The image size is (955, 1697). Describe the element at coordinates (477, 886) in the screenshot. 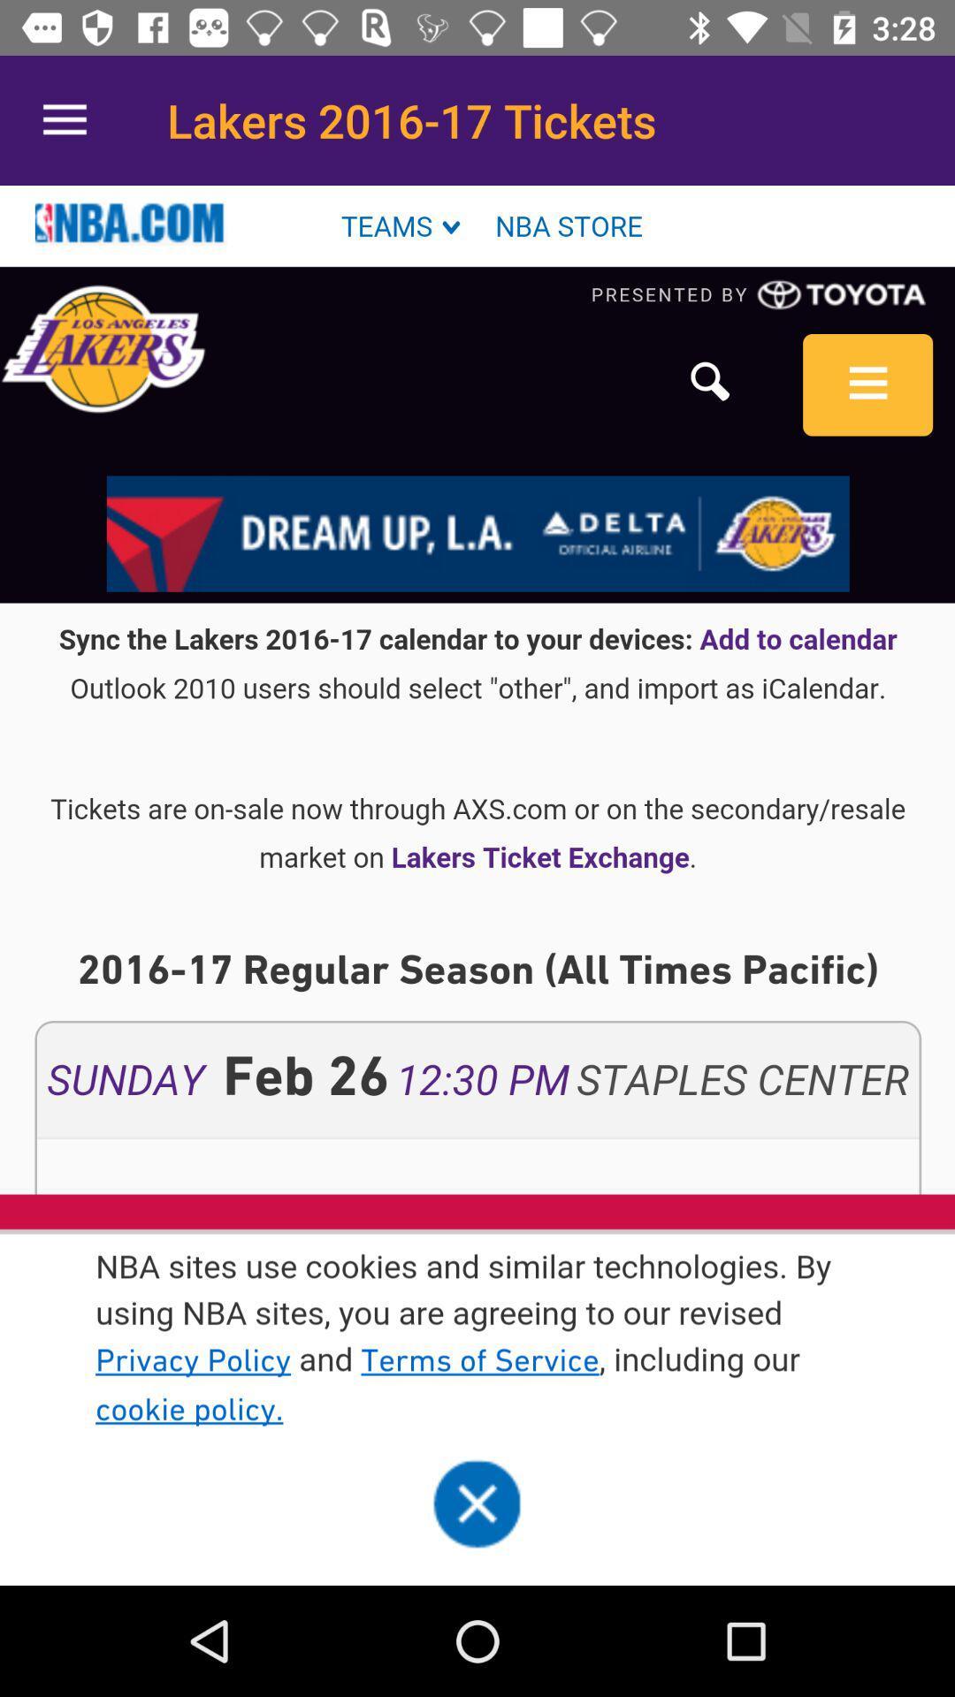

I see `advertisement page` at that location.